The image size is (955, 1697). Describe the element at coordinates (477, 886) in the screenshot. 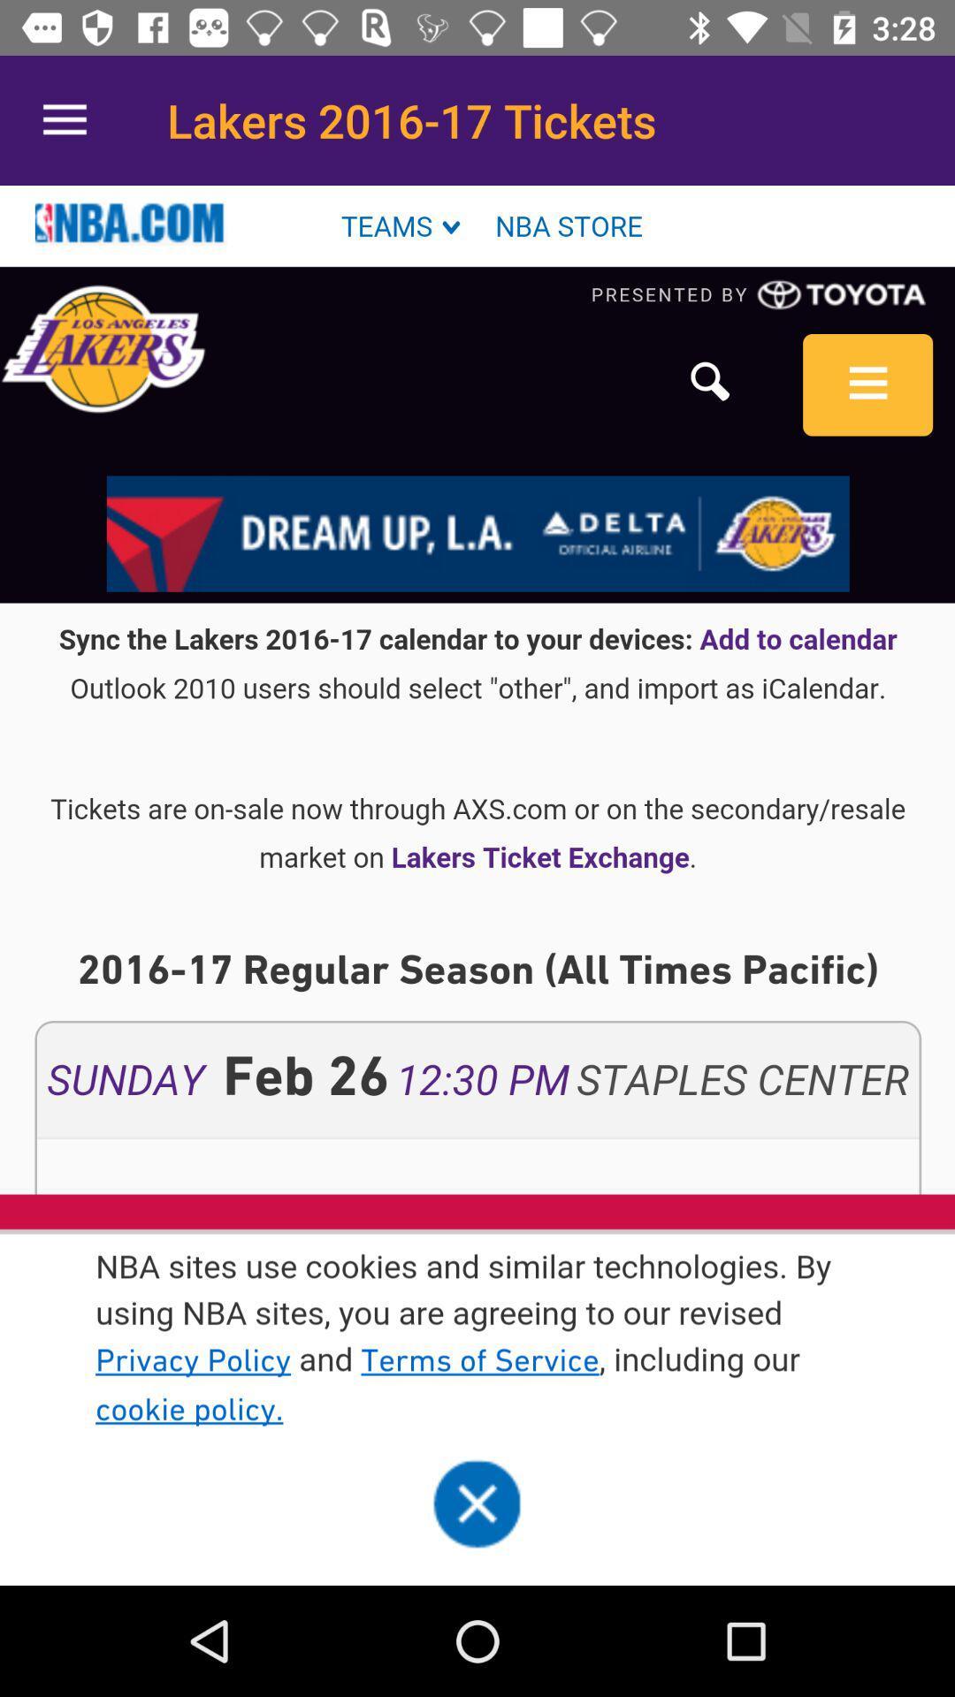

I see `advertisement page` at that location.